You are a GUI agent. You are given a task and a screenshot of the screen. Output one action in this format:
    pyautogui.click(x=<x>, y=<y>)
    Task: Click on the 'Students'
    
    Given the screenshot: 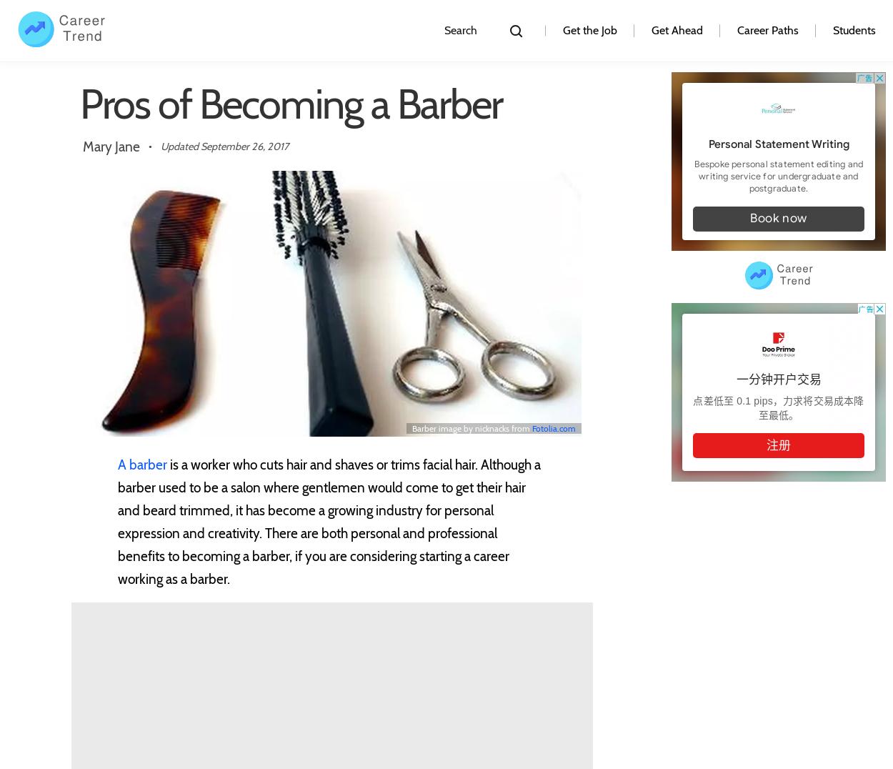 What is the action you would take?
    pyautogui.click(x=854, y=29)
    